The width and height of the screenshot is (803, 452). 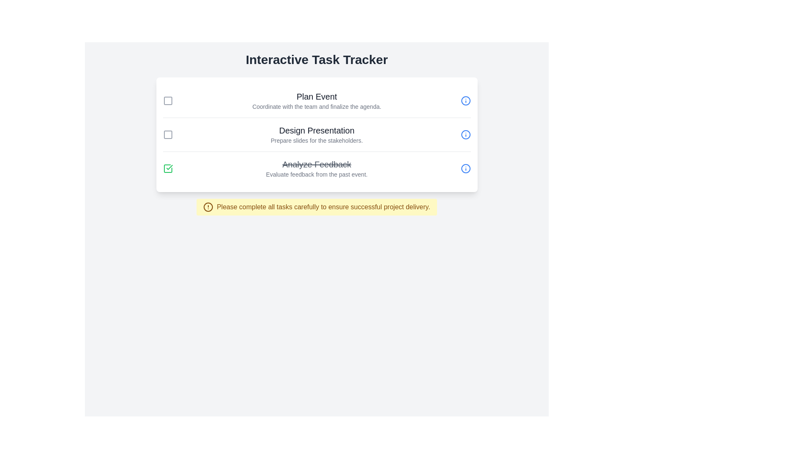 What do you see at coordinates (465, 100) in the screenshot?
I see `the info icon for the task titled 'Plan Event' to view its details` at bounding box center [465, 100].